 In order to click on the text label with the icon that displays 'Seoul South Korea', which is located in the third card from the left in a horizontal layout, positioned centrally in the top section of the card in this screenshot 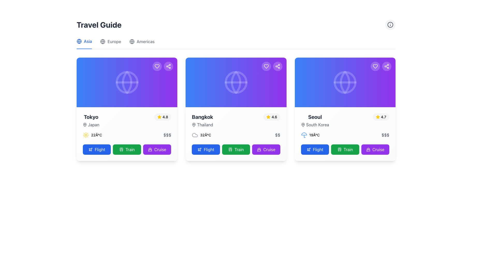, I will do `click(315, 120)`.